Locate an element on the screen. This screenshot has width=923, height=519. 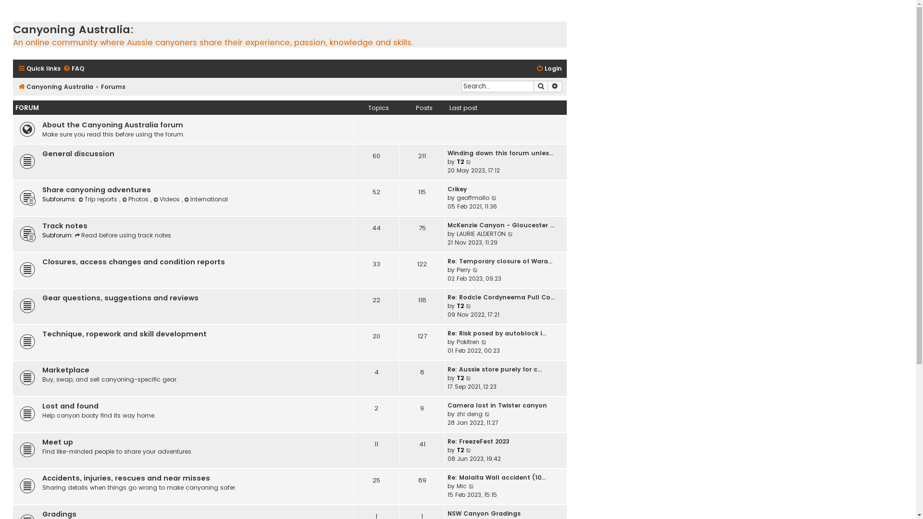
'T2' is located at coordinates (460, 161).